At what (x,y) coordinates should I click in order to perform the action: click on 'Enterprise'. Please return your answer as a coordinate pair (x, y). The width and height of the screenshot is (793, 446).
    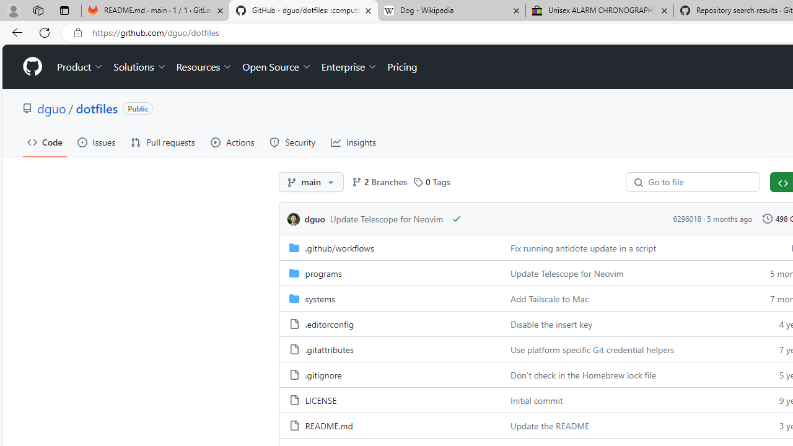
    Looking at the image, I should click on (348, 67).